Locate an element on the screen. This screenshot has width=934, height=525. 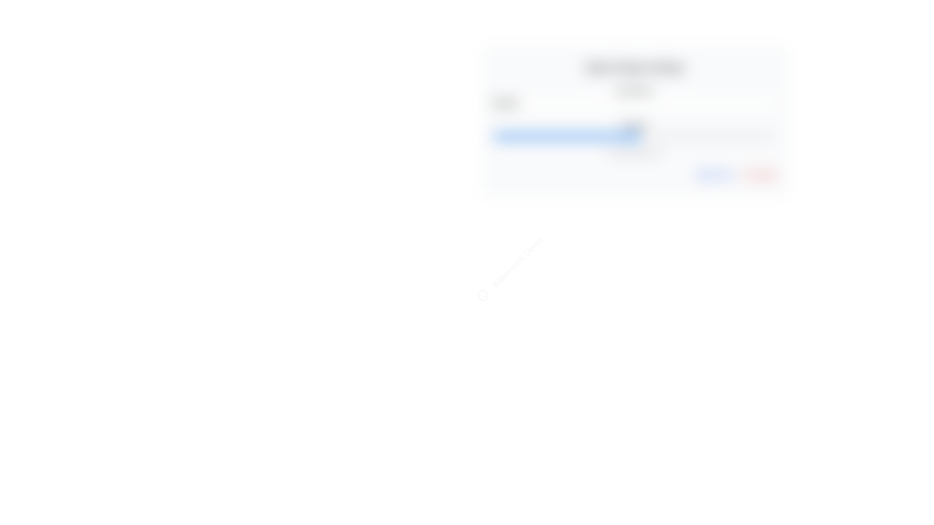
the slider value is located at coordinates (682, 137).